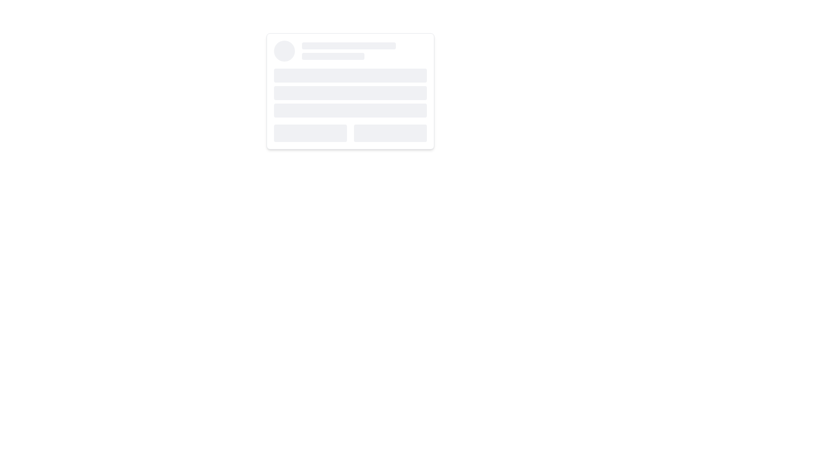  What do you see at coordinates (284, 51) in the screenshot?
I see `the Circular Placeholder, which is a circular shape with a light gray background, representing an inactive or loading state, located at the far-left of a horizontally aligned group of elements` at bounding box center [284, 51].